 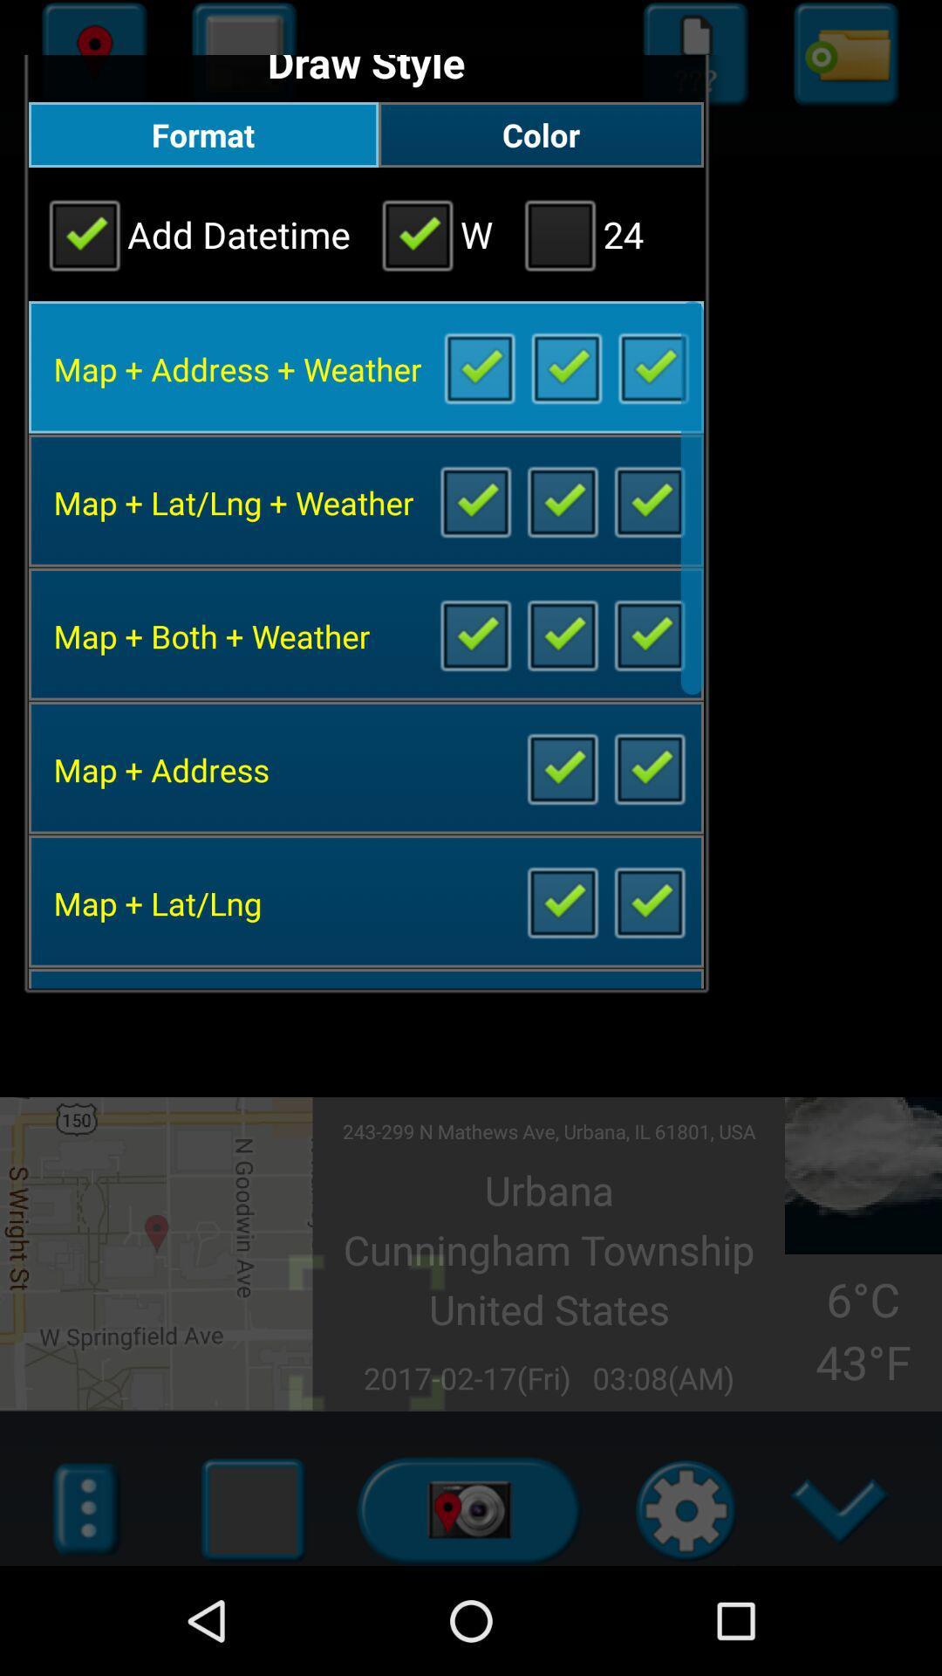 I want to click on box, so click(x=652, y=366).